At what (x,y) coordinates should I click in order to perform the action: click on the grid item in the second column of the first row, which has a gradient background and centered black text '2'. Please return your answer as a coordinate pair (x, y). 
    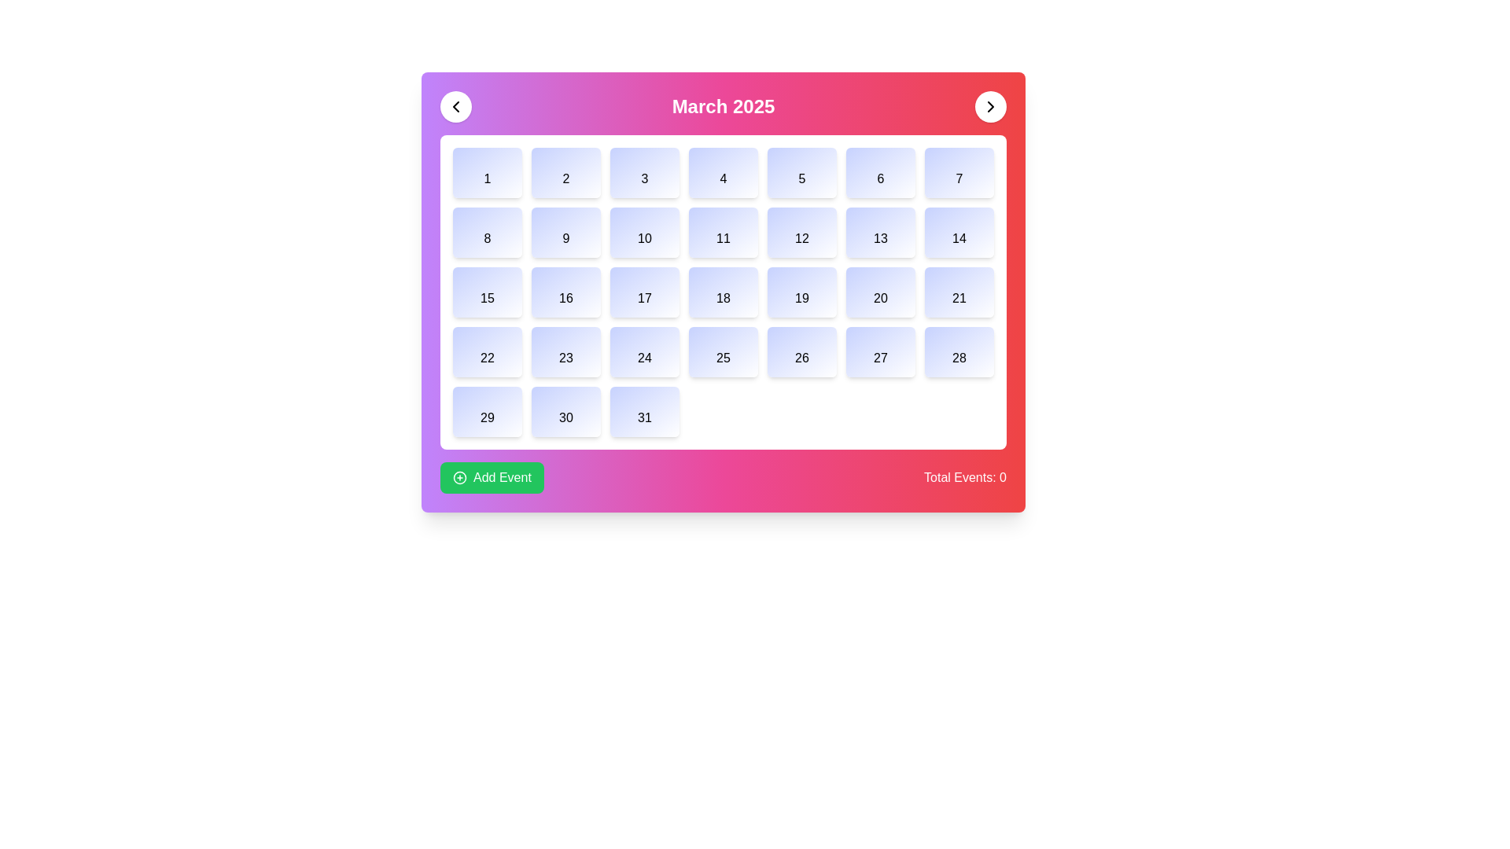
    Looking at the image, I should click on (566, 172).